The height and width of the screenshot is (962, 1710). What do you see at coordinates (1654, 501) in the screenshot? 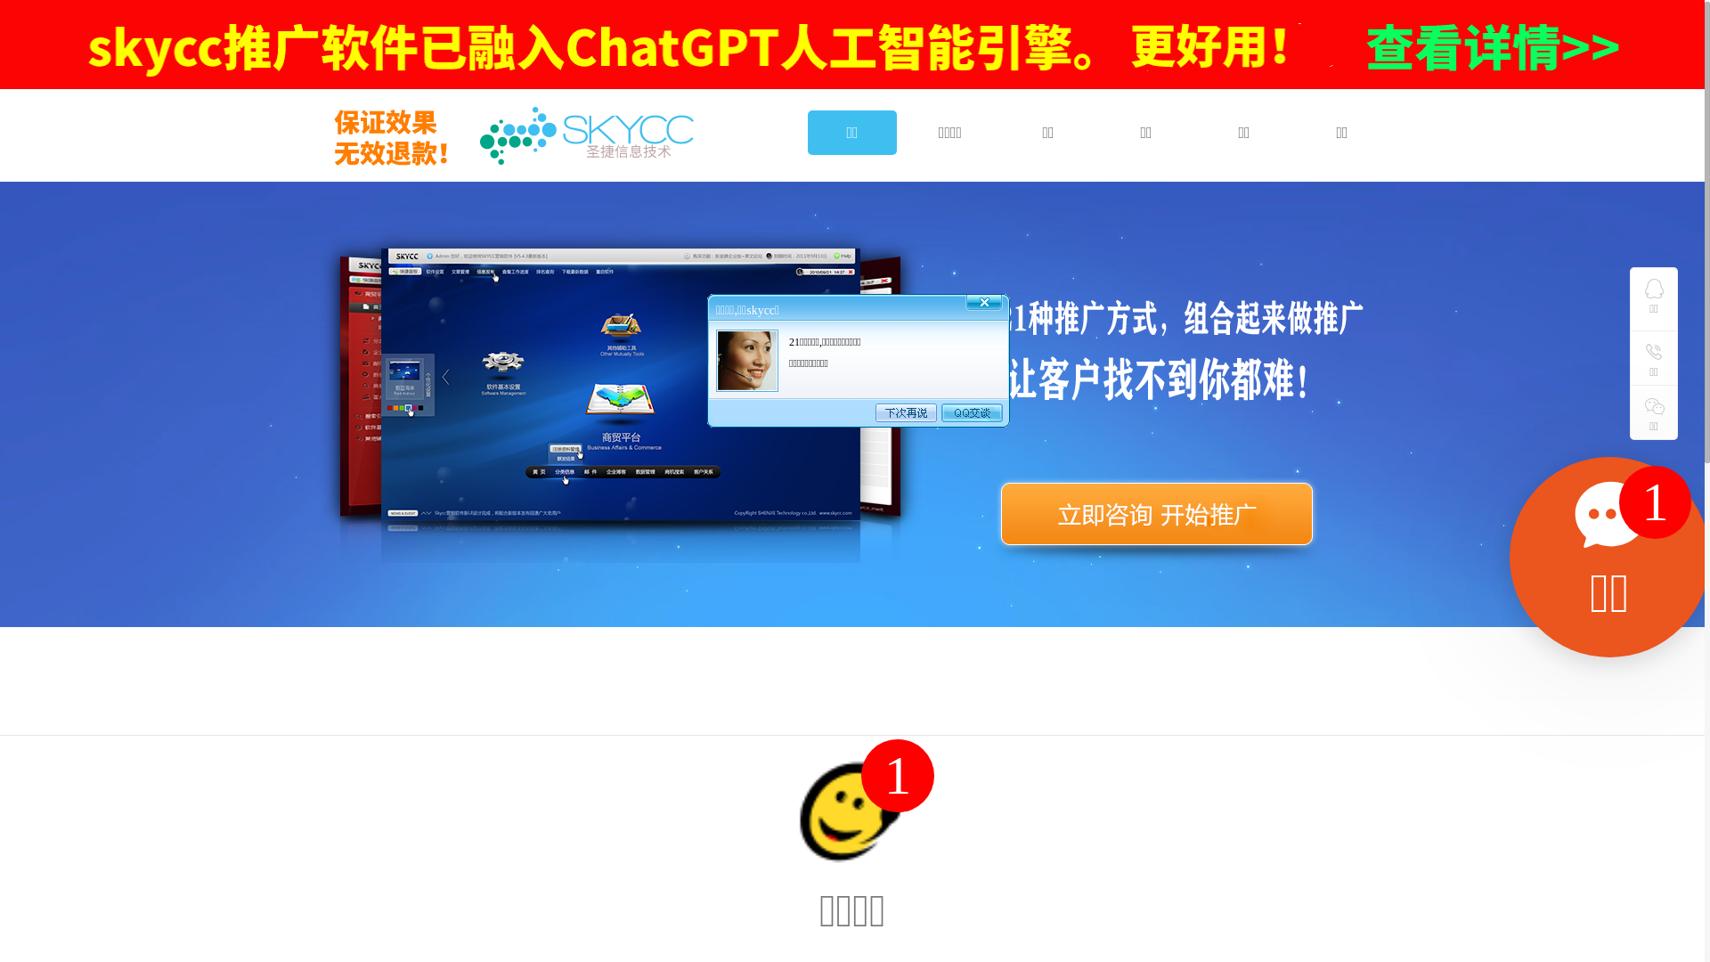
I see `'1'` at bounding box center [1654, 501].